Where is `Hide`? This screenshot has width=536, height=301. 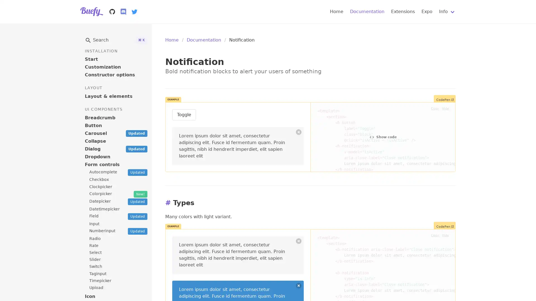
Hide is located at coordinates (445, 234).